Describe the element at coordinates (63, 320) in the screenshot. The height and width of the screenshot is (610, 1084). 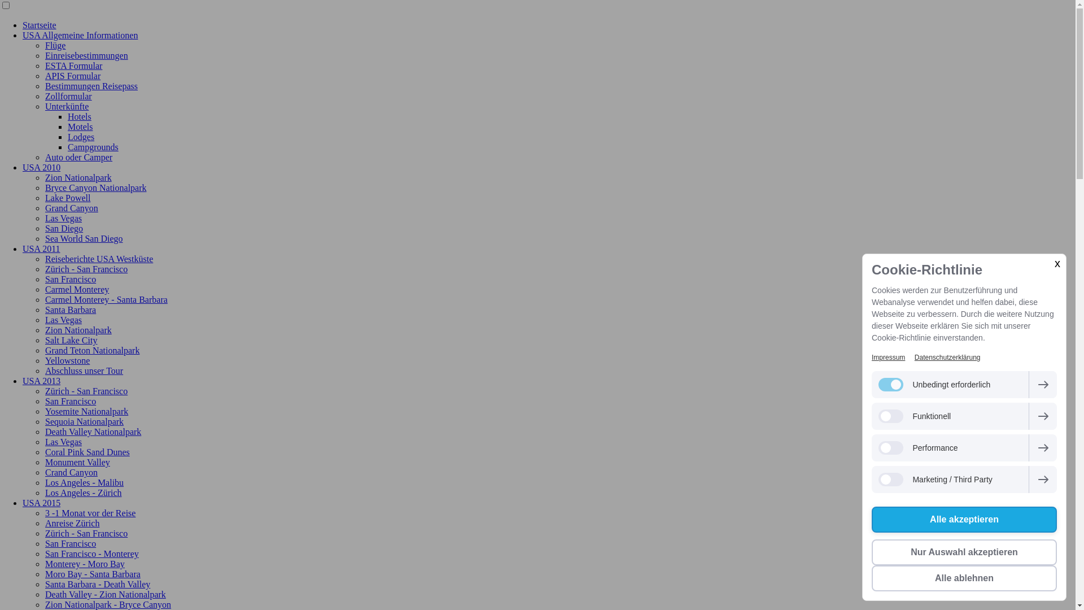
I see `'Las Vegas'` at that location.